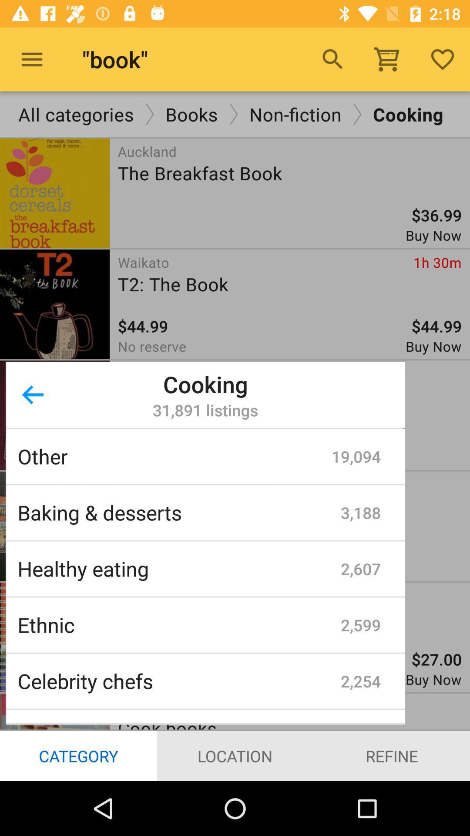  I want to click on other item, so click(175, 456).